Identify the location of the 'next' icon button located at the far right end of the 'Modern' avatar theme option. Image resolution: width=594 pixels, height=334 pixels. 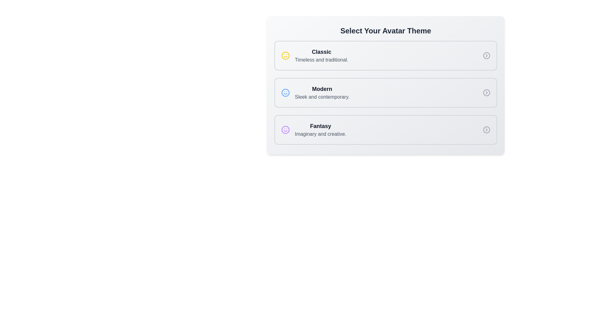
(486, 93).